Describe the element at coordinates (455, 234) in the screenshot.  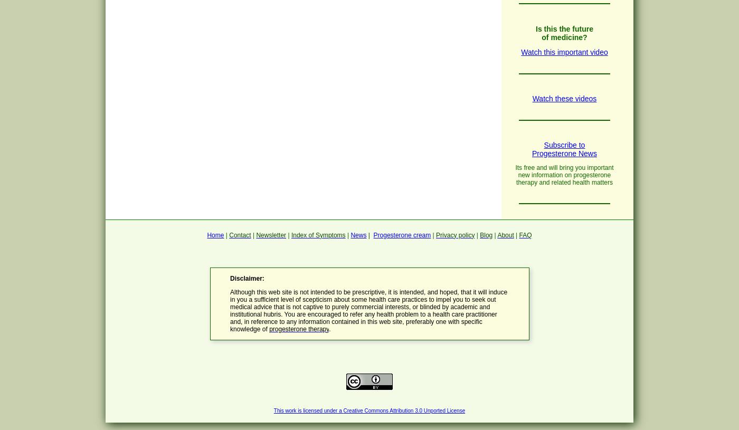
I see `'Privacy policy'` at that location.